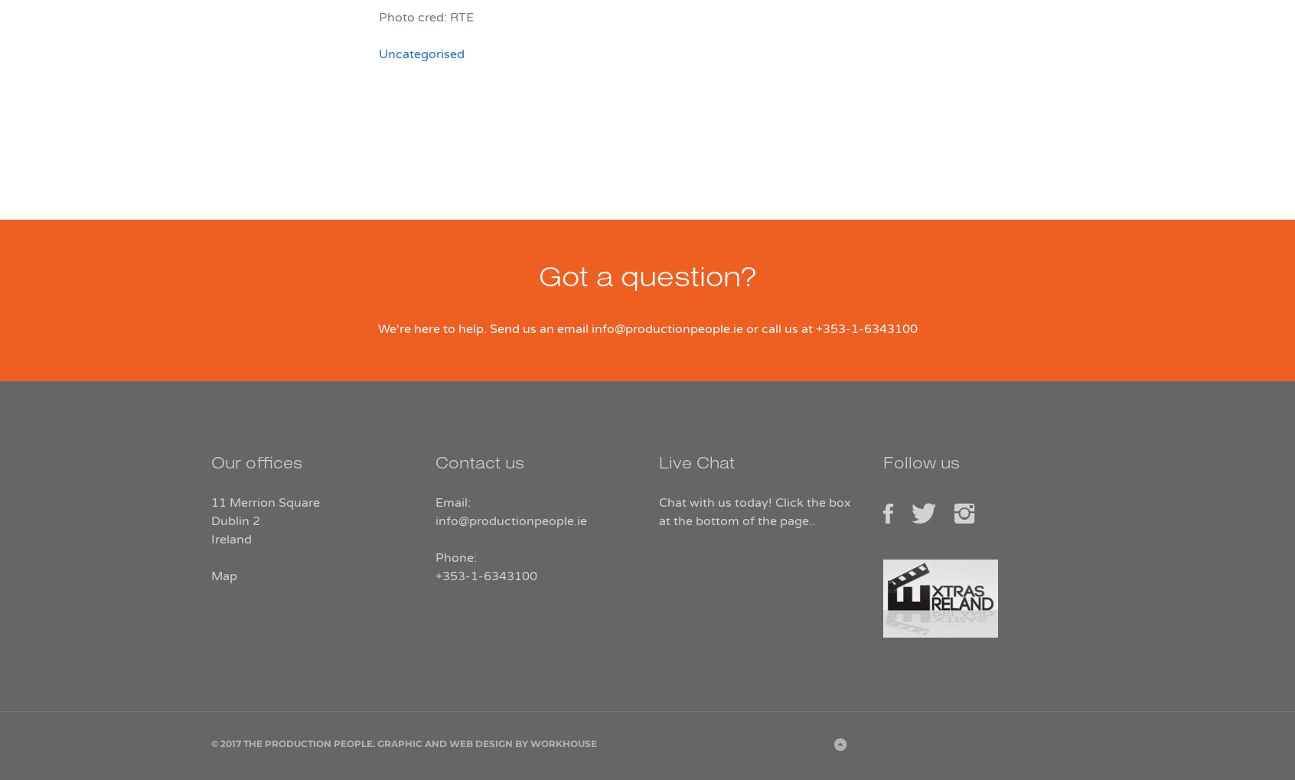 Image resolution: width=1295 pixels, height=780 pixels. I want to click on 'or call us at +353-1-6343100', so click(742, 329).